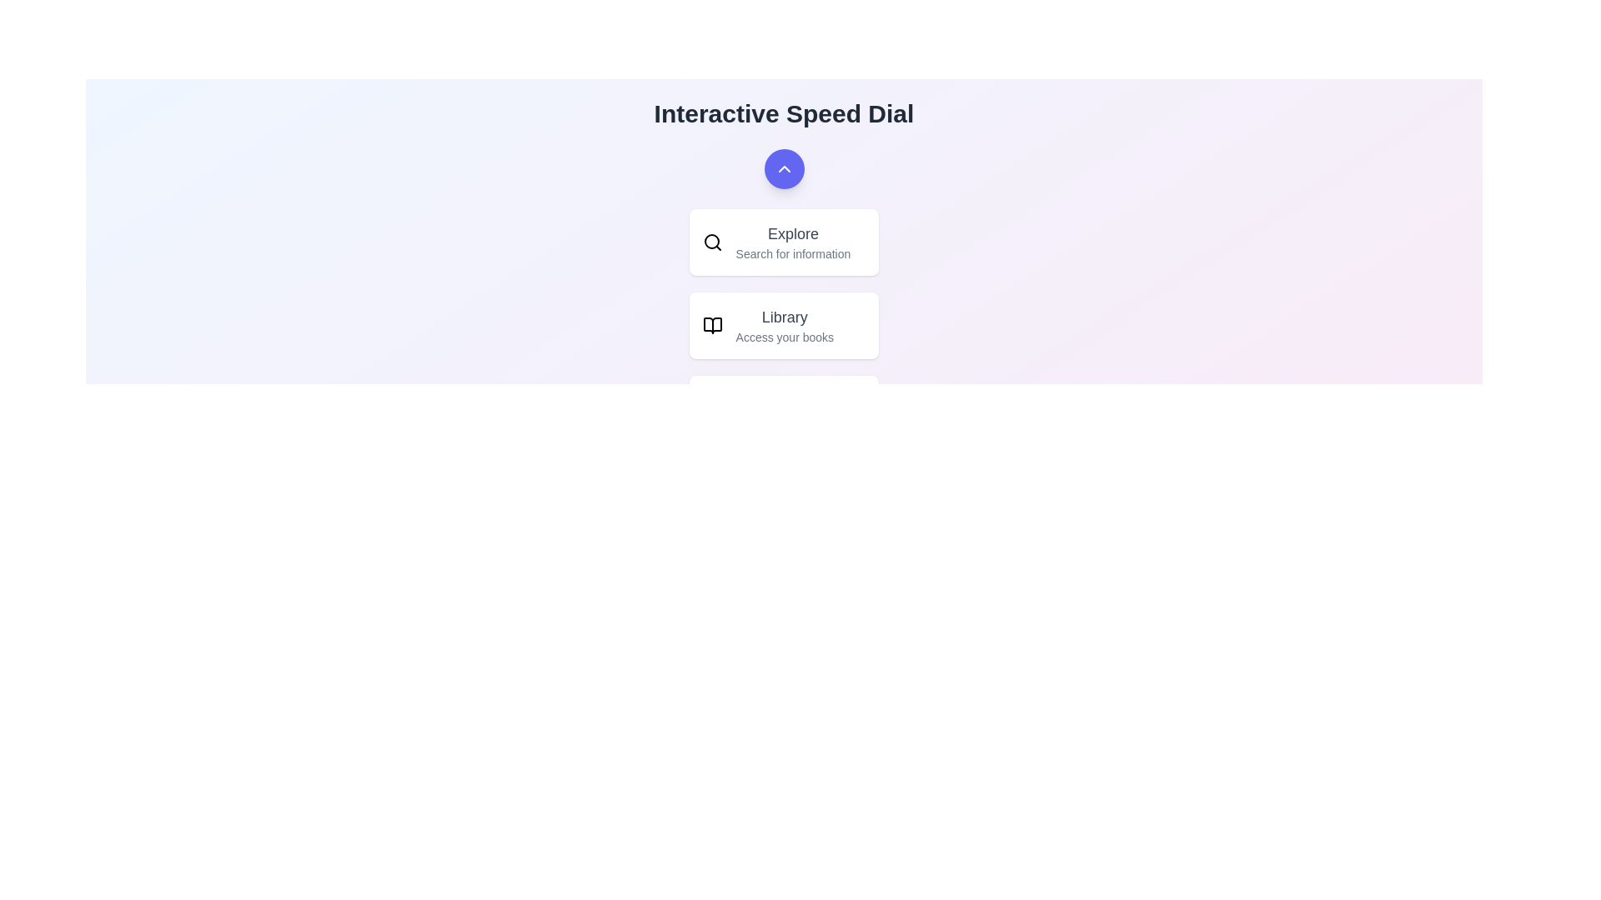  What do you see at coordinates (712, 242) in the screenshot?
I see `the Explore icon to observe its visual effect` at bounding box center [712, 242].